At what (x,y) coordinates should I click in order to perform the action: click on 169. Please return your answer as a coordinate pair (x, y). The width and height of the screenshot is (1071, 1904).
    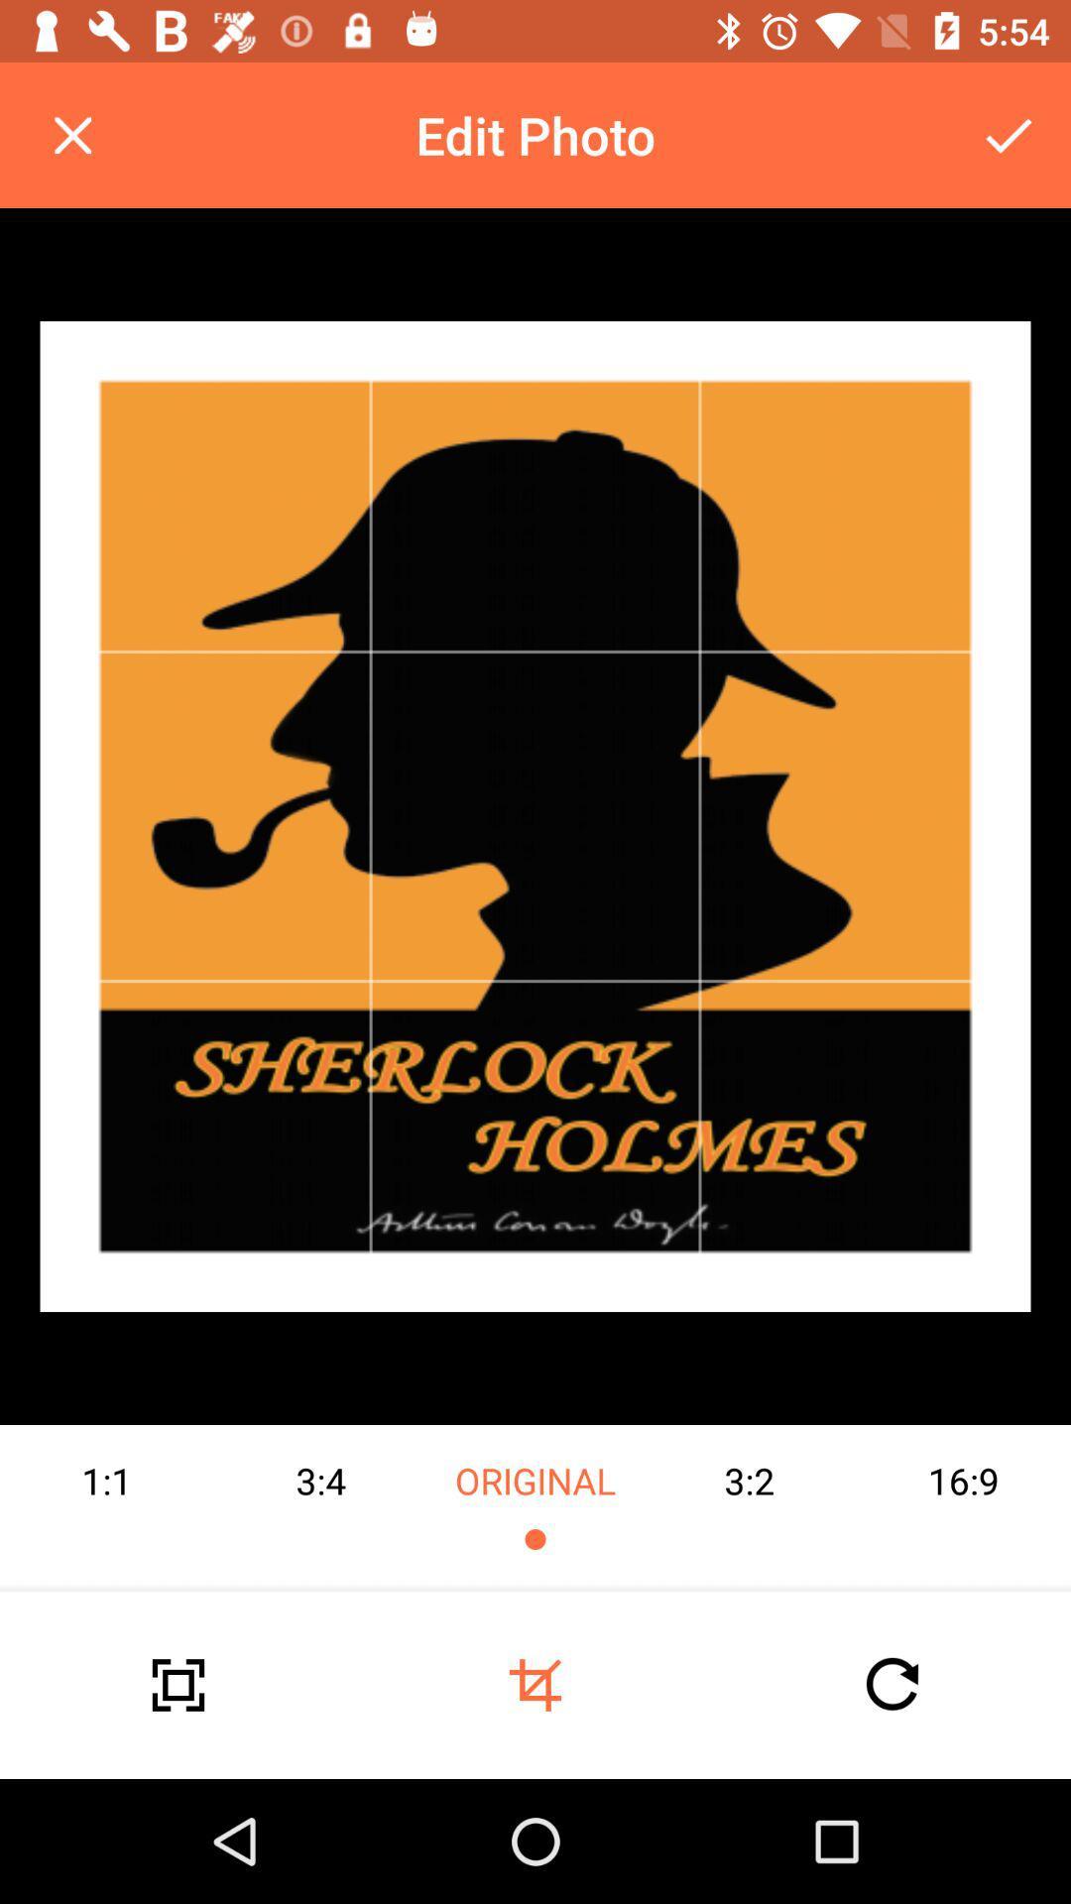
    Looking at the image, I should click on (963, 1507).